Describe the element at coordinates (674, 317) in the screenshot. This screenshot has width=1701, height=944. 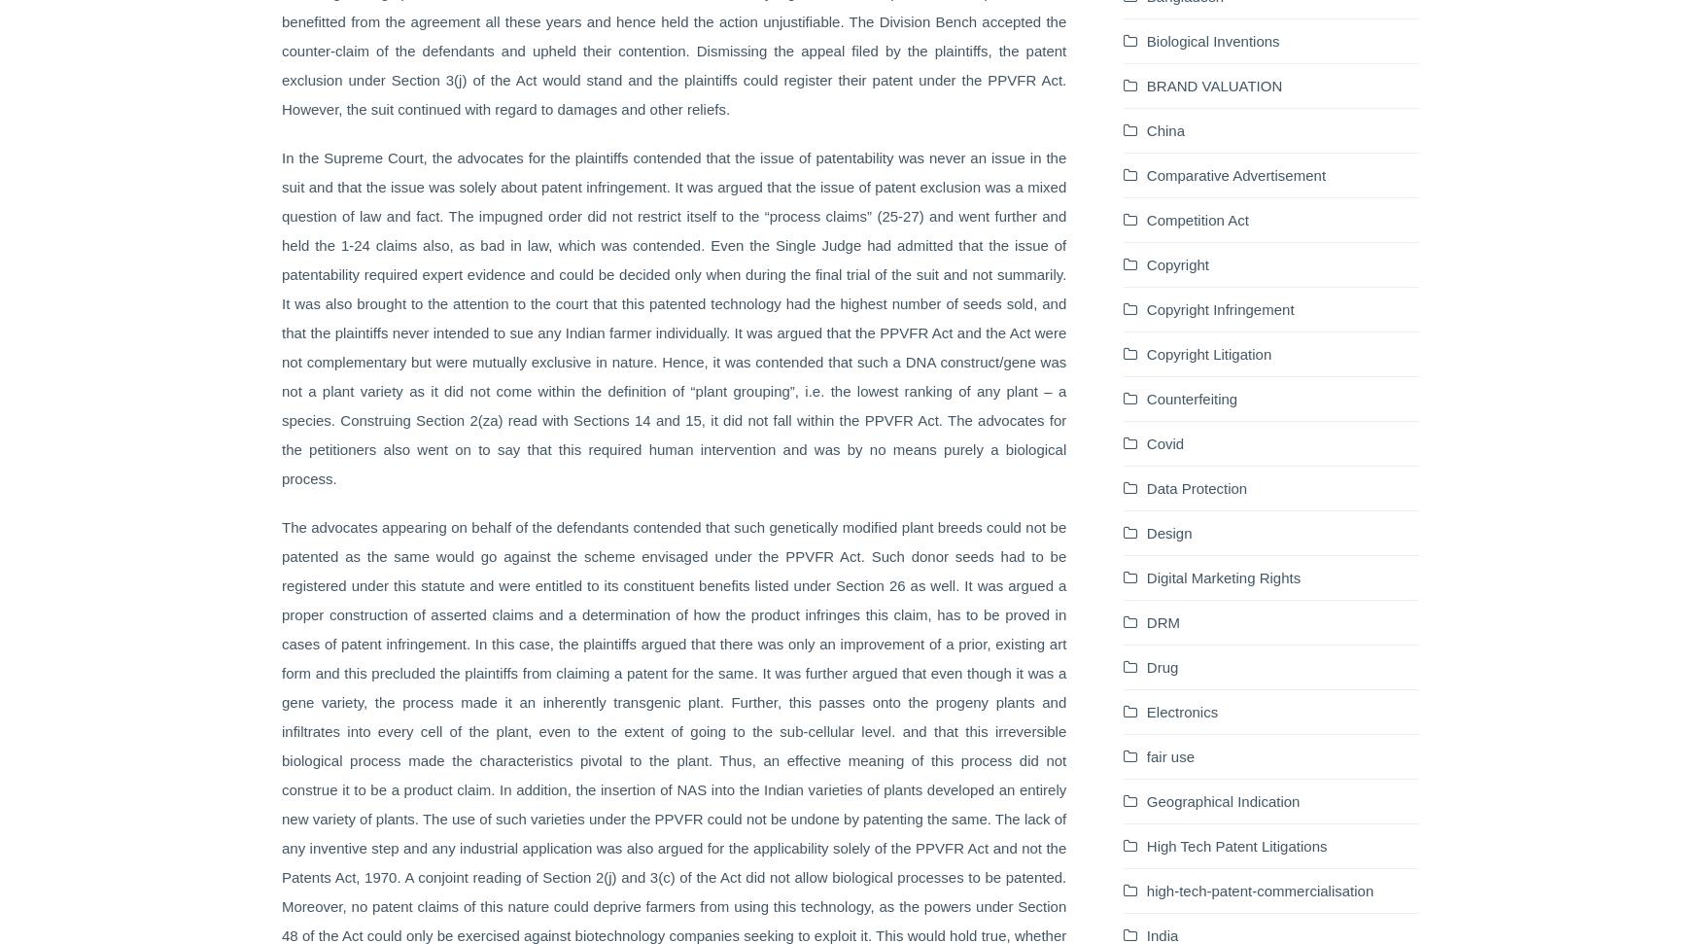
I see `'In the Supreme Court, the advocates for the plaintiffs contended that the issue of patentability was never an issue in the suit and that the issue was solely about patent infringement. It was argued that the issue of patent exclusion was a mixed question of law and fact. The impugned order did not restrict itself to the “process claims” (25-27) and went further and held the 1-24 claims also, as bad in law, which was contended. Even the Single Judge had admitted that the issue of patentability required expert evidence and could be decided only when during the final trial of the suit and not summarily. It was also brought to the attention to the court that this patented technology had the highest number of seeds sold, and that the plaintiffs never intended to sue any Indian farmer individually. It was argued that the PPVFR Act and the Act were not complementary but were mutually exclusive in nature. Hence, it was contended that such a DNA construct/gene was not a plant variety as it did not come within the definition of “plant grouping”, i.e. the lowest ranking of any plant – a species. Construing Section 2(za) read with Sections 14 and 15, it did not fall within the PPVFR Act. The advocates for the petitioners also went on to say that this required human intervention and was by no means purely a biological process.'` at that location.